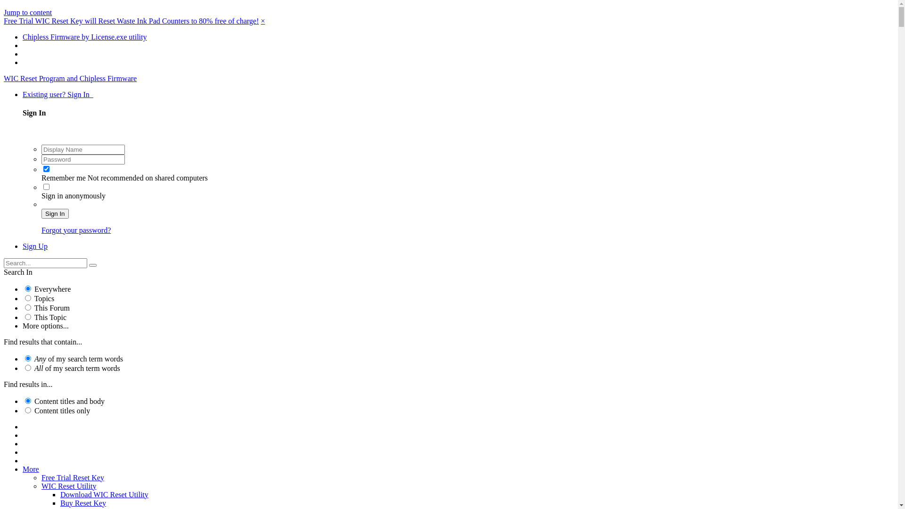 This screenshot has width=905, height=509. I want to click on 'Existing user? Sign In  ', so click(58, 94).